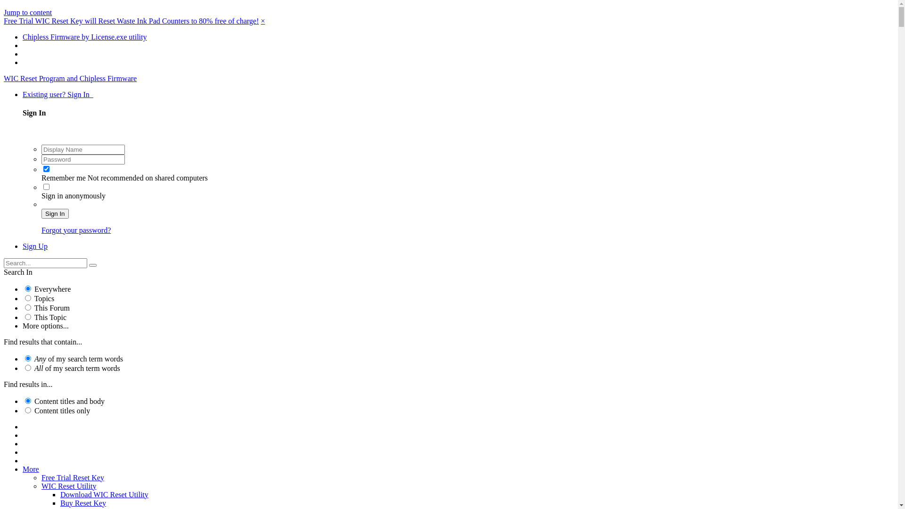 This screenshot has width=905, height=509. I want to click on 'Existing user? Sign In  ', so click(58, 94).